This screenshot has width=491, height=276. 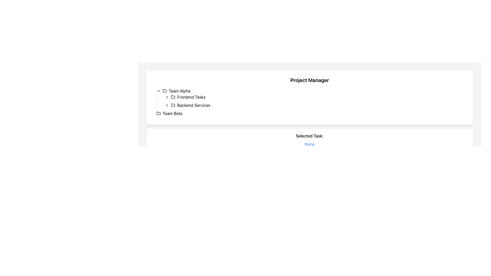 What do you see at coordinates (158, 90) in the screenshot?
I see `the downward-oriented chevron icon` at bounding box center [158, 90].